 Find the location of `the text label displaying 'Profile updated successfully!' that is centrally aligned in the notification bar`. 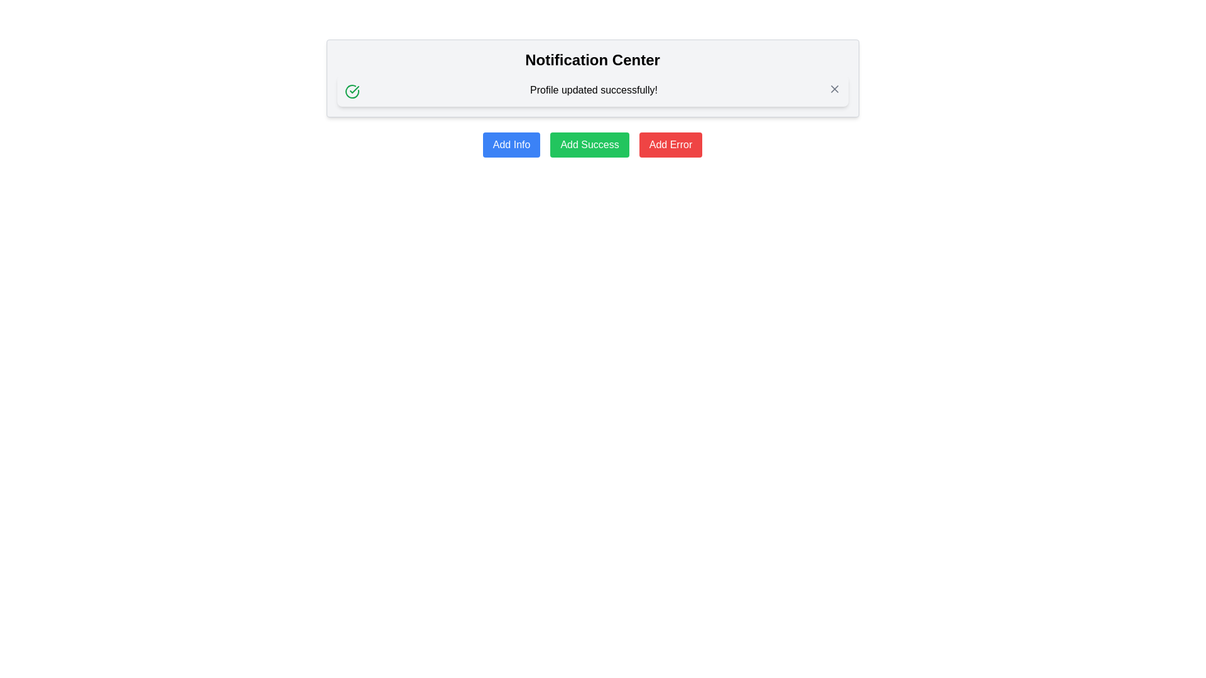

the text label displaying 'Profile updated successfully!' that is centrally aligned in the notification bar is located at coordinates (593, 89).